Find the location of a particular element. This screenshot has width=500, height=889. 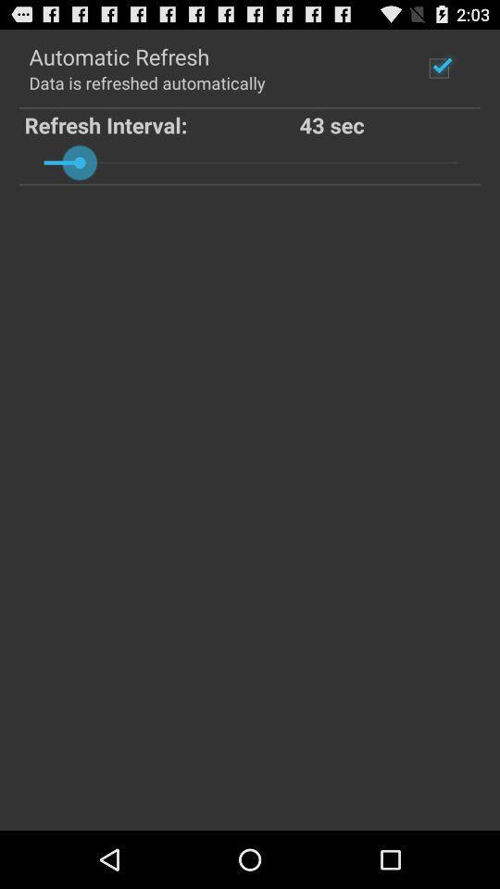

item to the right of data is refreshed is located at coordinates (438, 68).